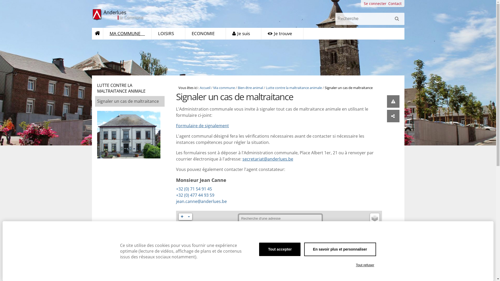 The image size is (500, 281). What do you see at coordinates (126, 15) in the screenshot?
I see `'Anderlues la Commune'` at bounding box center [126, 15].